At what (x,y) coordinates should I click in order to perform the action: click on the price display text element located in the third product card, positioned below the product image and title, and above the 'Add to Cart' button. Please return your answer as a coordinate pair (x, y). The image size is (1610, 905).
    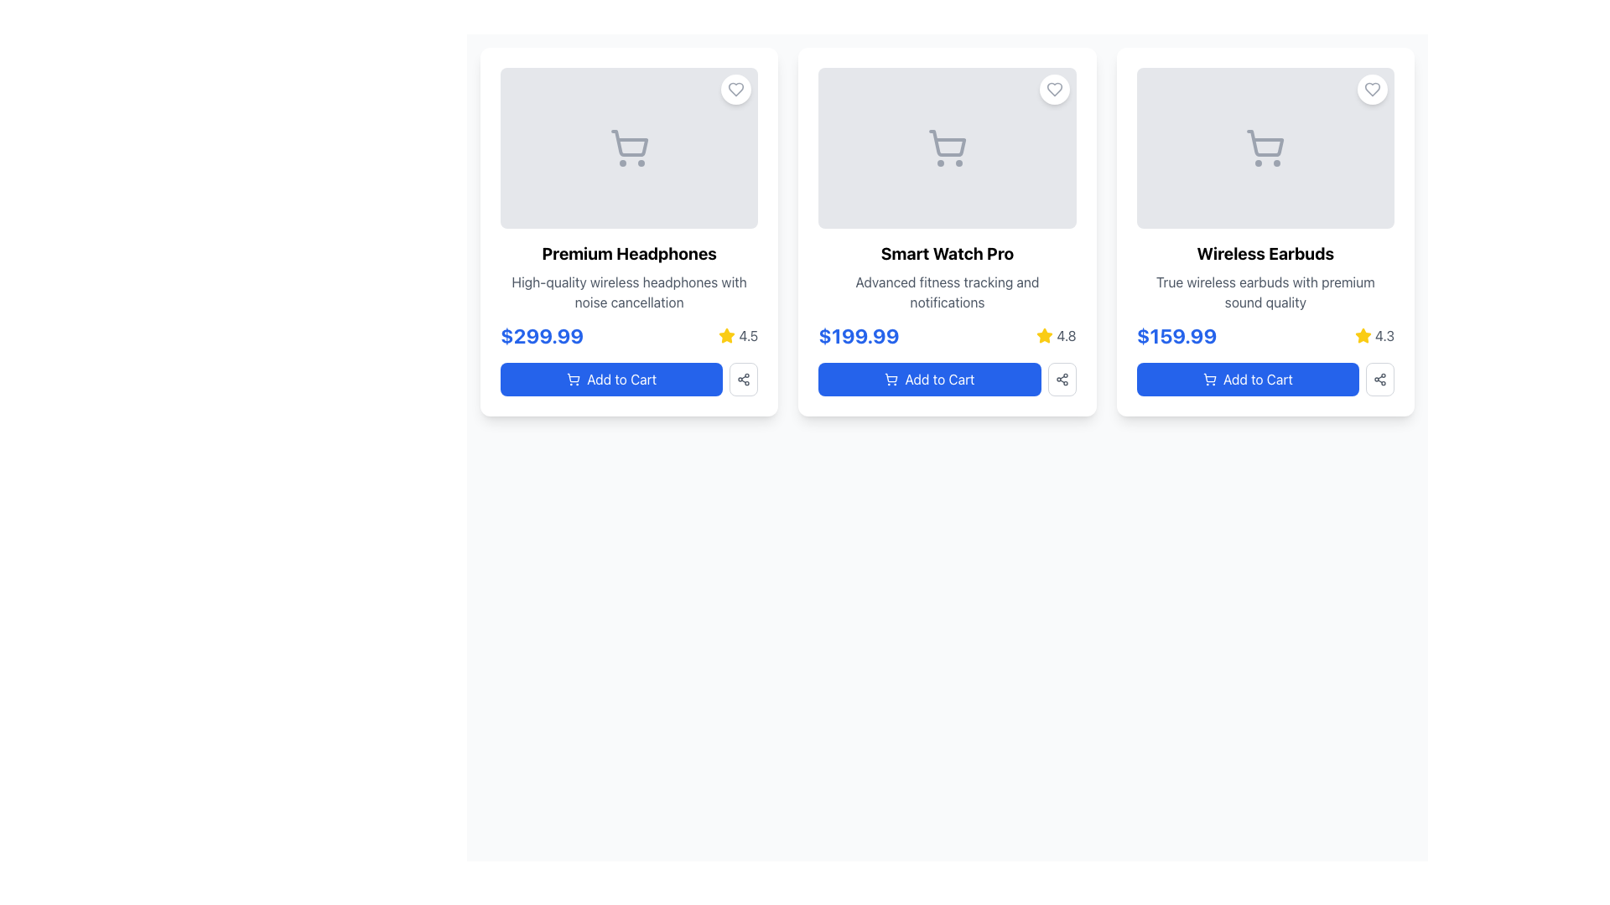
    Looking at the image, I should click on (1176, 336).